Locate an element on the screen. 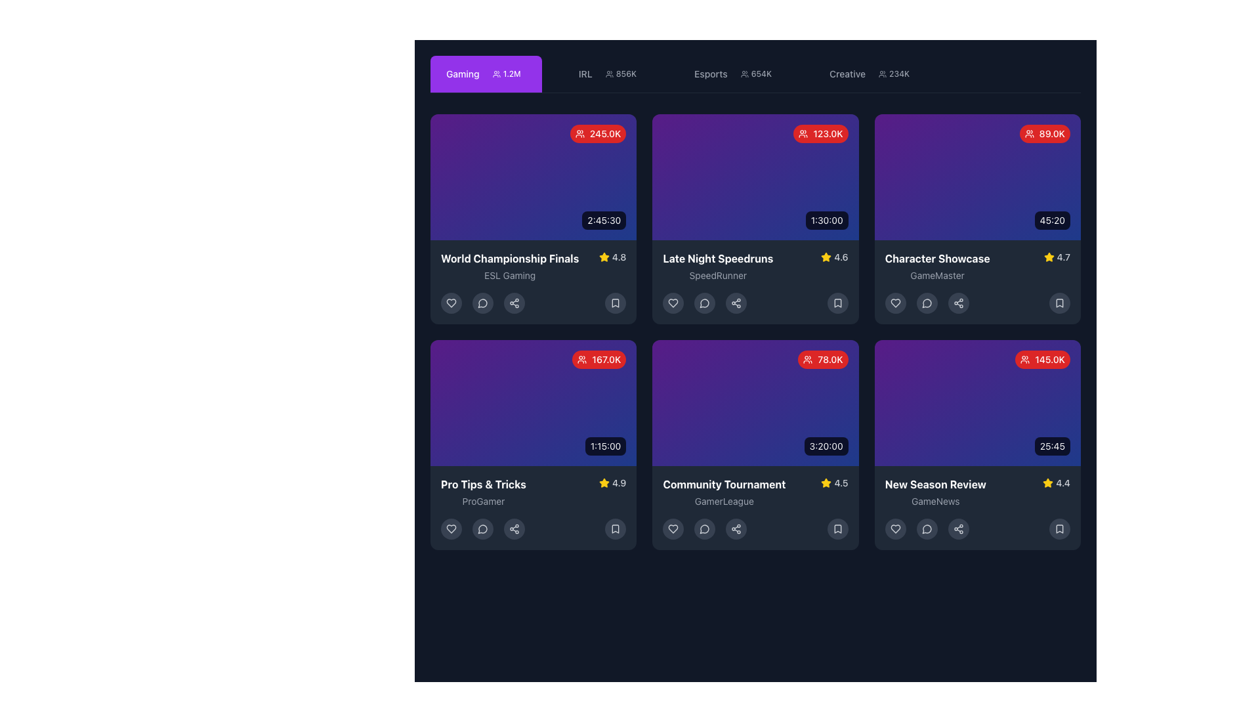 Image resolution: width=1260 pixels, height=709 pixels. the star icon located in the bottom-right corner of the third card in the top row is located at coordinates (1048, 257).